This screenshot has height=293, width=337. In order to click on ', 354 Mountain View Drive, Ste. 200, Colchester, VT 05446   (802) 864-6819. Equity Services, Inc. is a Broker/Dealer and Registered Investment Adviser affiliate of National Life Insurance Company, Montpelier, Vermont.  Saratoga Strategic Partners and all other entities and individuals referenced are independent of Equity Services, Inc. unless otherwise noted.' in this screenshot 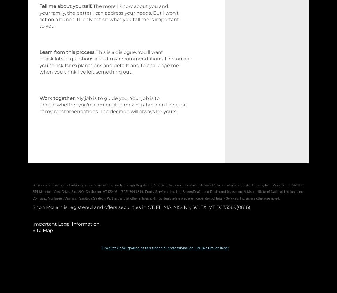, I will do `click(168, 191)`.